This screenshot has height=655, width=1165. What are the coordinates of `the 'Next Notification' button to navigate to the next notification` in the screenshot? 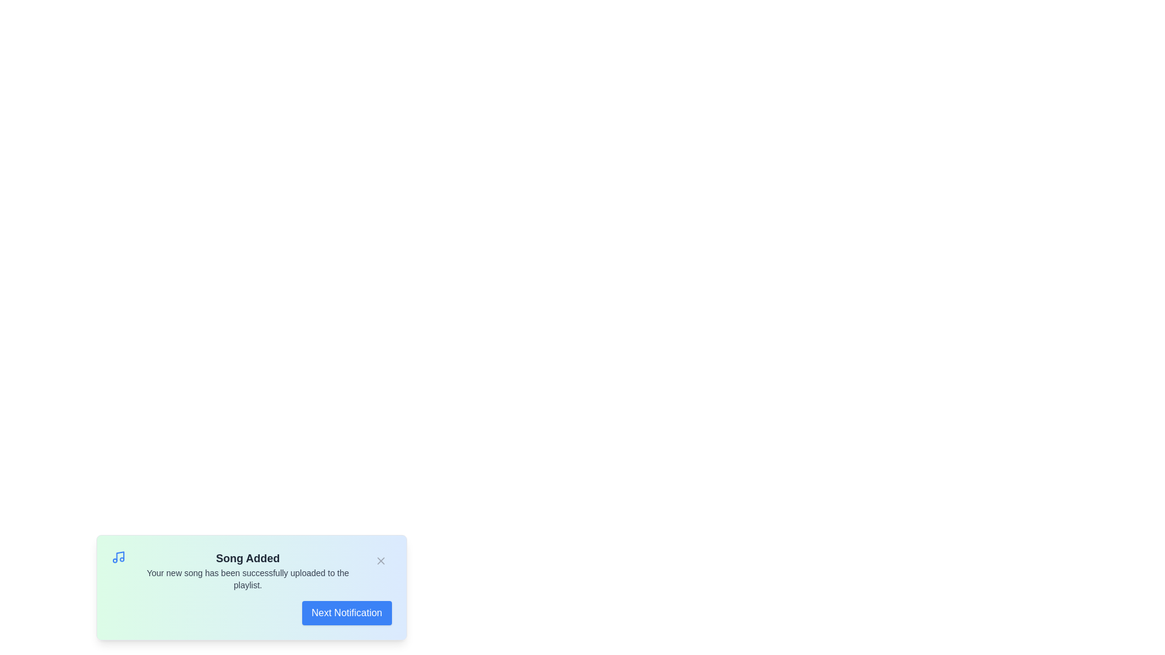 It's located at (346, 613).